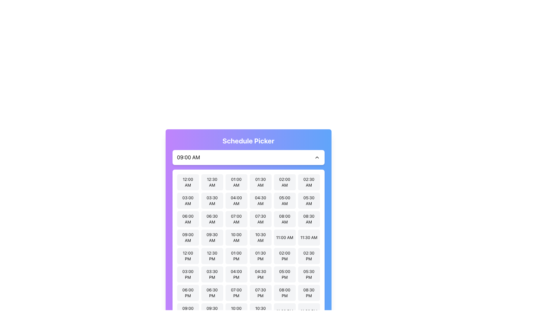 The width and height of the screenshot is (553, 311). I want to click on the selectable time slot button for 09:00 AM located, so click(188, 238).